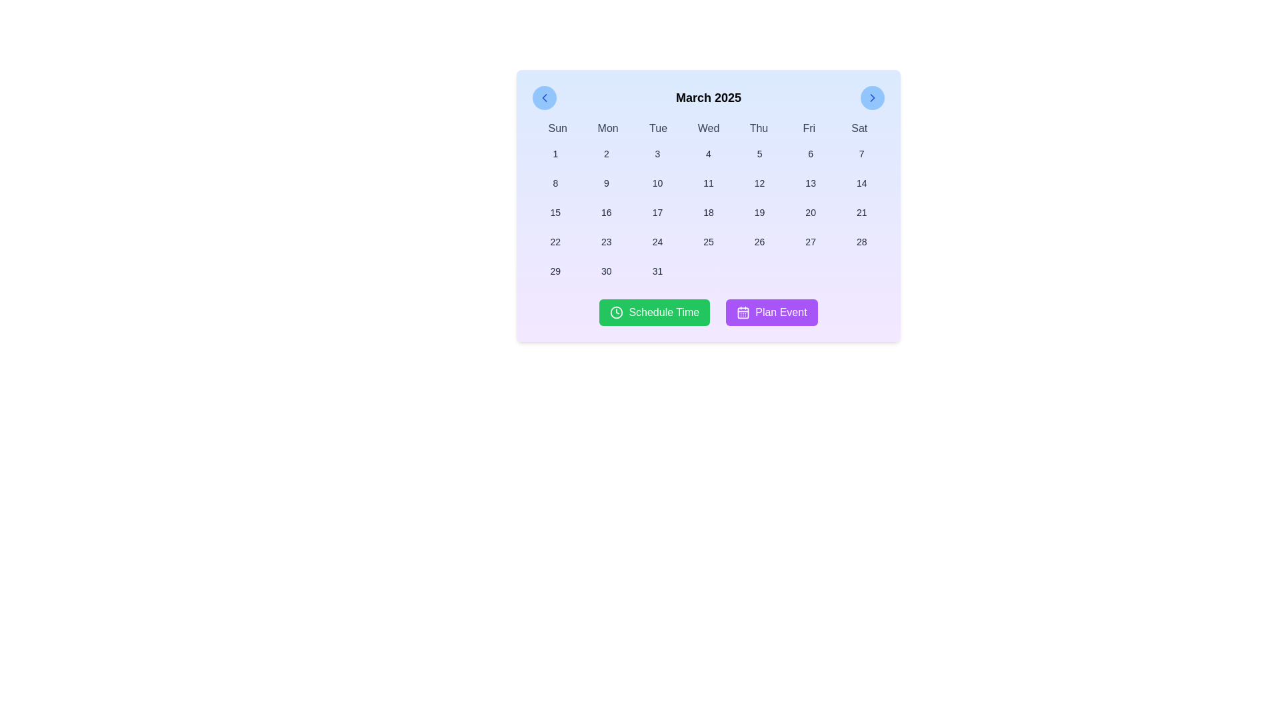 This screenshot has height=720, width=1280. I want to click on the navigation icon in the top-left corner of the calendar interface to move to the previous month, so click(544, 97).